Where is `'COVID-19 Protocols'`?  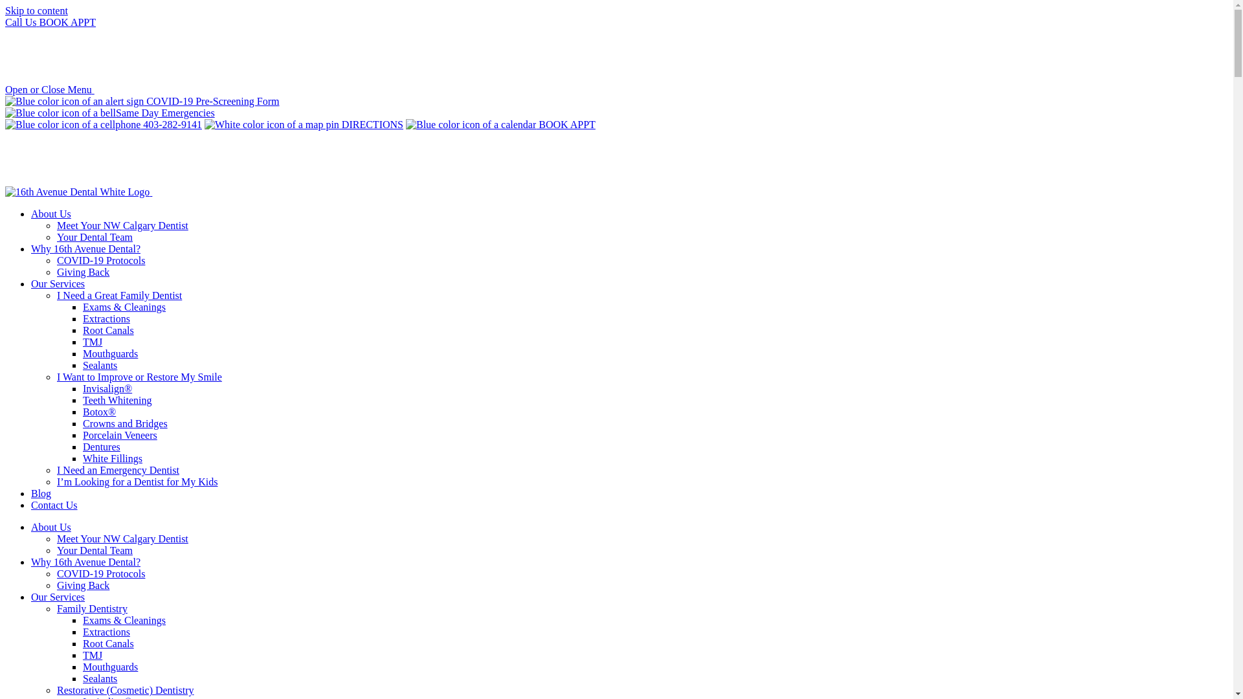
'COVID-19 Protocols' is located at coordinates (56, 573).